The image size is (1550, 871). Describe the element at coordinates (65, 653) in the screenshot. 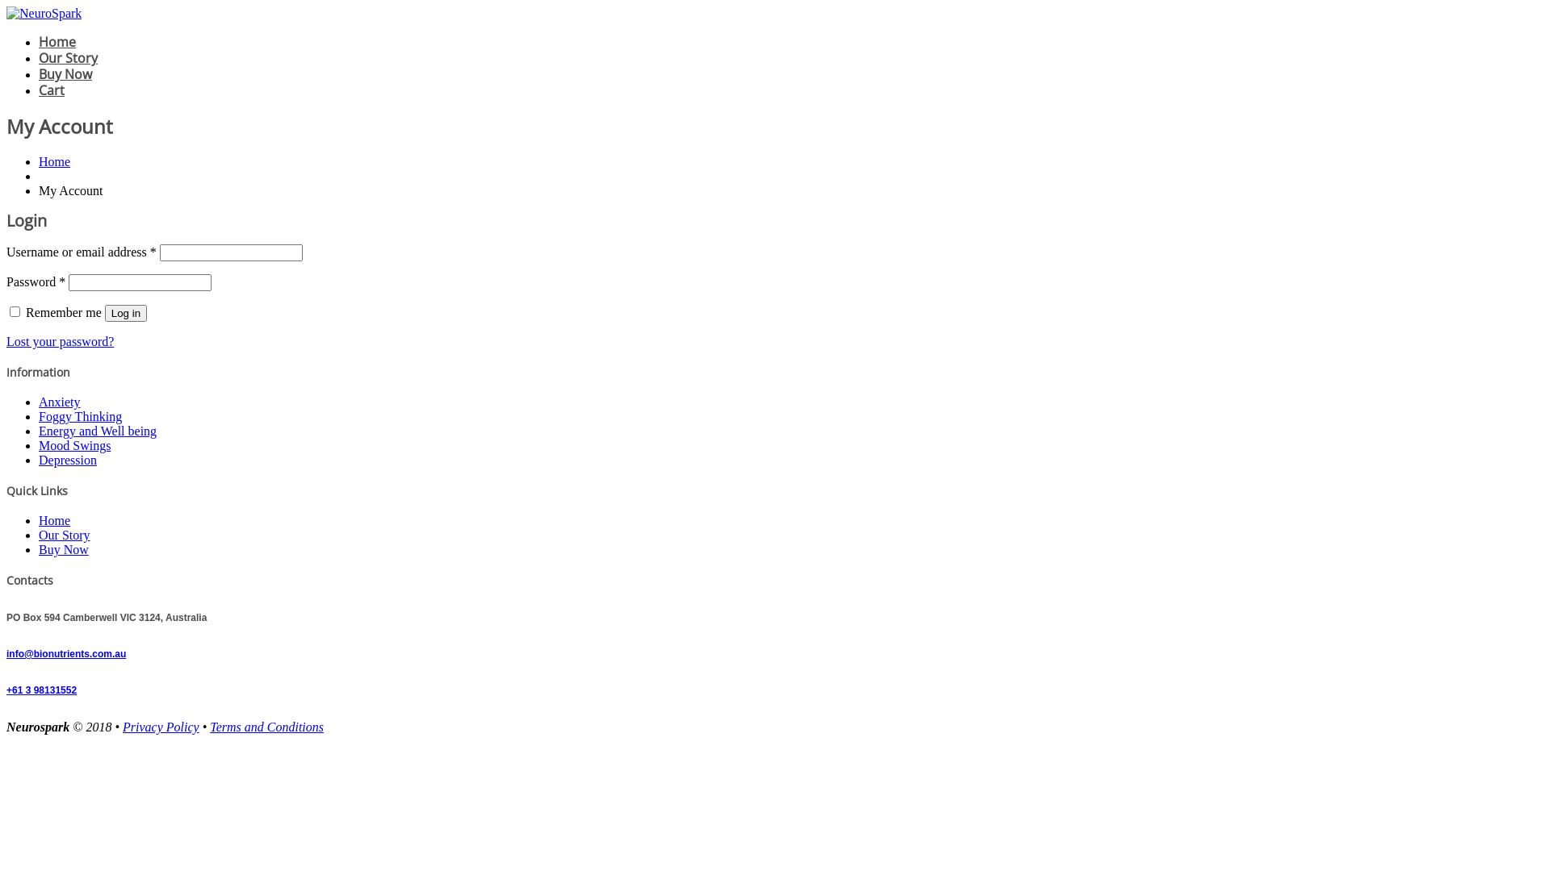

I see `'info@bionutrients.com.au'` at that location.